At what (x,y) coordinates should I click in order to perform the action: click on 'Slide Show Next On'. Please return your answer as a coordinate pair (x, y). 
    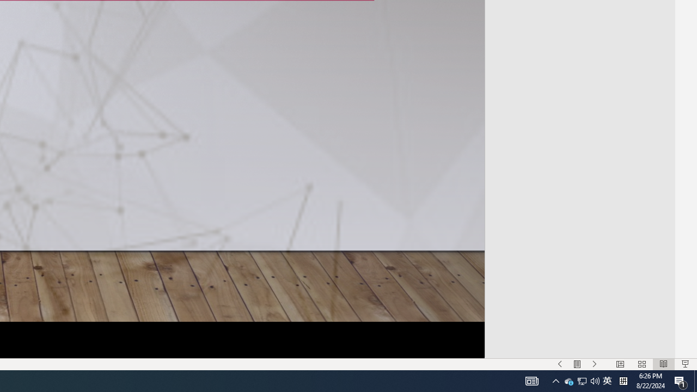
    Looking at the image, I should click on (594, 364).